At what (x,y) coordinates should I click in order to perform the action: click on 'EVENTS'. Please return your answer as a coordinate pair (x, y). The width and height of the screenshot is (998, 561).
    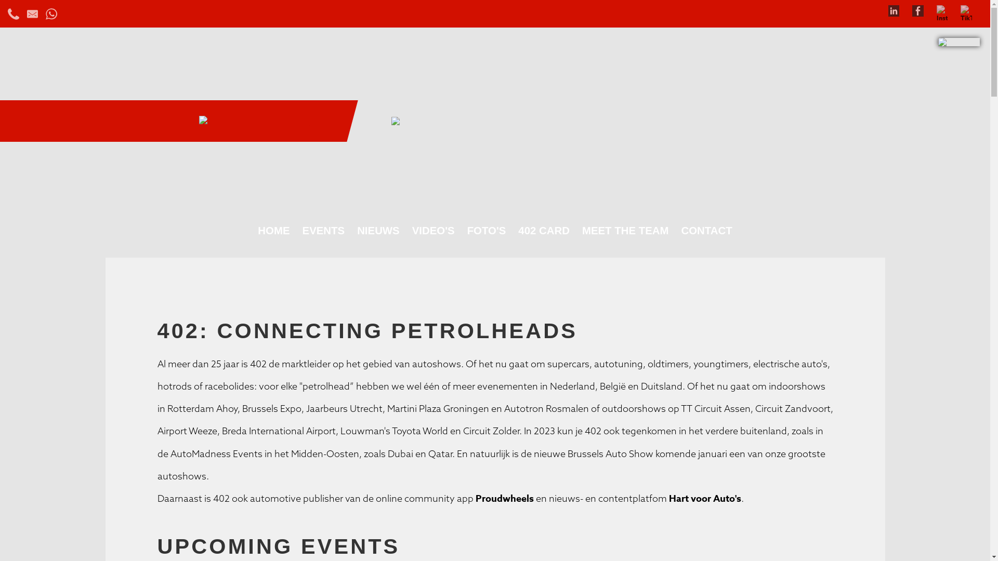
    Looking at the image, I should click on (323, 230).